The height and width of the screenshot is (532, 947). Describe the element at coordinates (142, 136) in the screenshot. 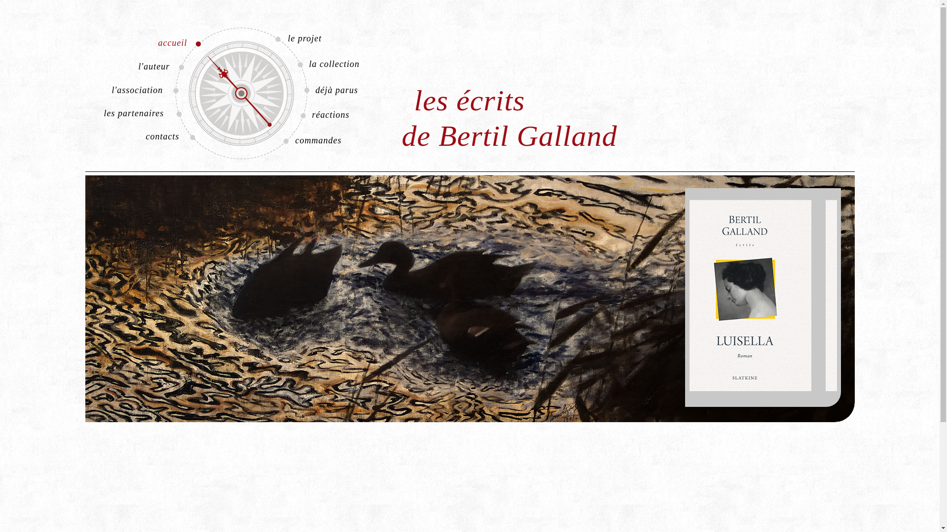

I see `'contacts'` at that location.